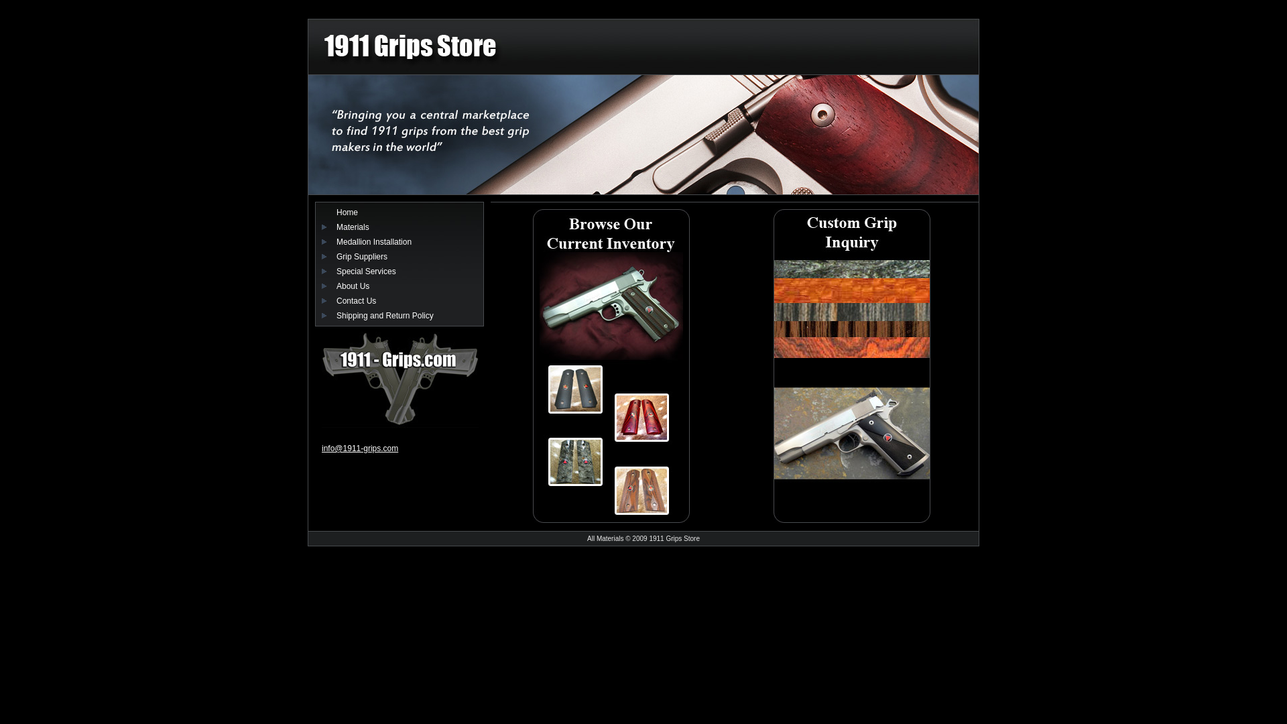  What do you see at coordinates (336, 315) in the screenshot?
I see `'Shipping and Return Policy'` at bounding box center [336, 315].